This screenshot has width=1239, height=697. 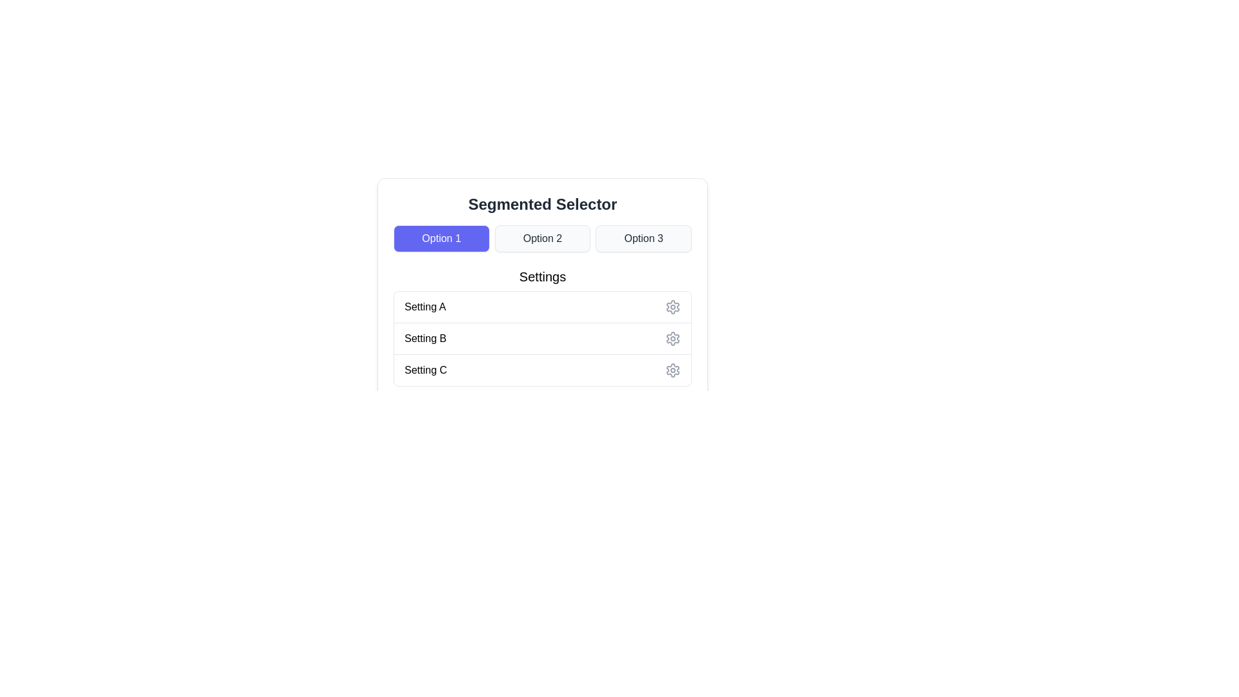 I want to click on the configuration button/icon located to the right of the 'Settings C' text label, so click(x=672, y=370).